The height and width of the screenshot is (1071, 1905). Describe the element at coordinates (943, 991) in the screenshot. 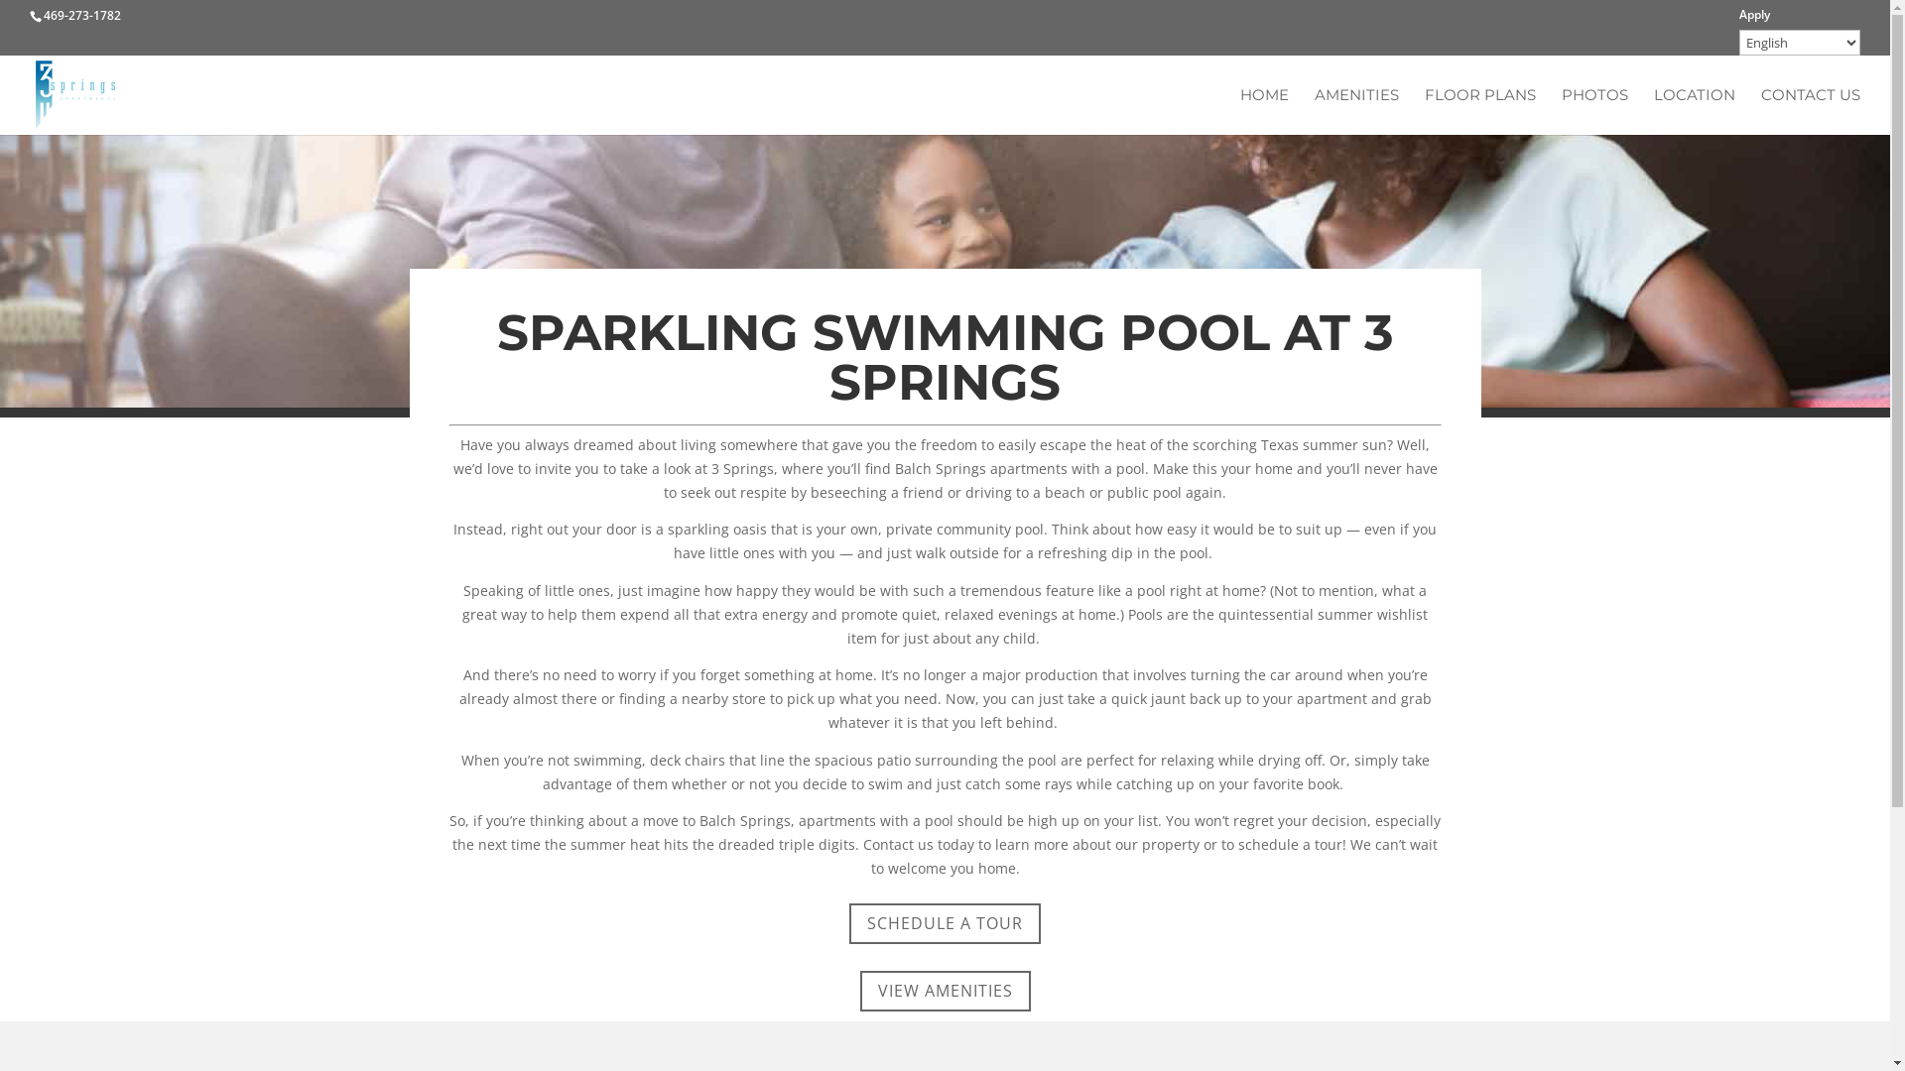

I see `'VIEW AMENITIES'` at that location.